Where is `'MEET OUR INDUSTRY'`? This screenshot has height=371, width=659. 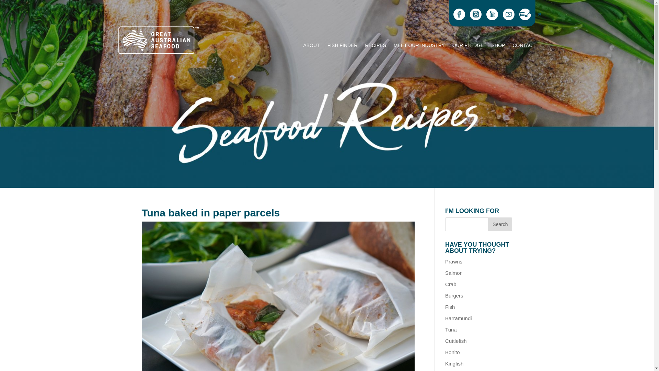
'MEET OUR INDUSTRY' is located at coordinates (419, 46).